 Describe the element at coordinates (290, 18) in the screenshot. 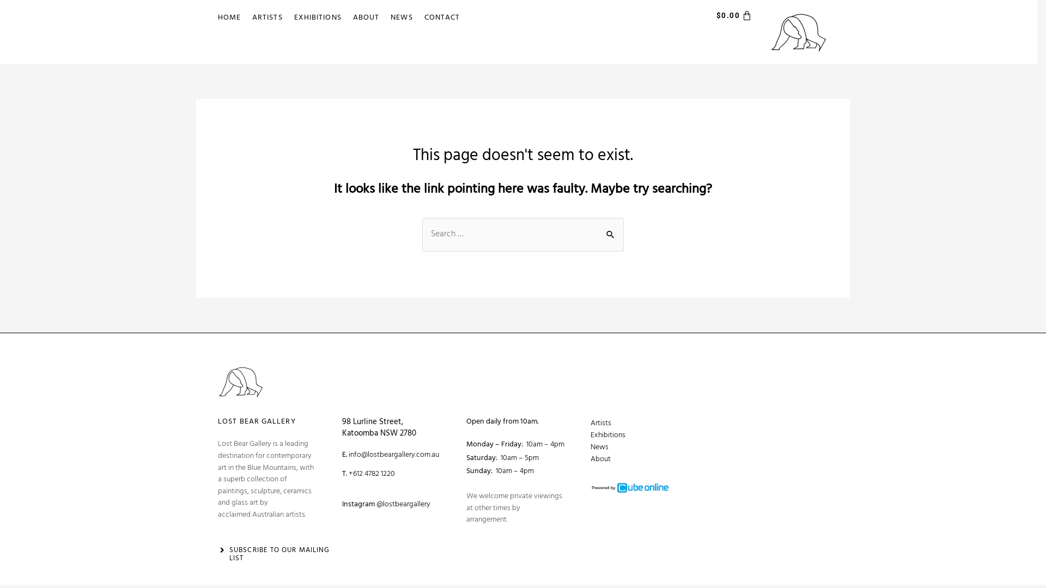

I see `'EXHIBITIONS'` at that location.